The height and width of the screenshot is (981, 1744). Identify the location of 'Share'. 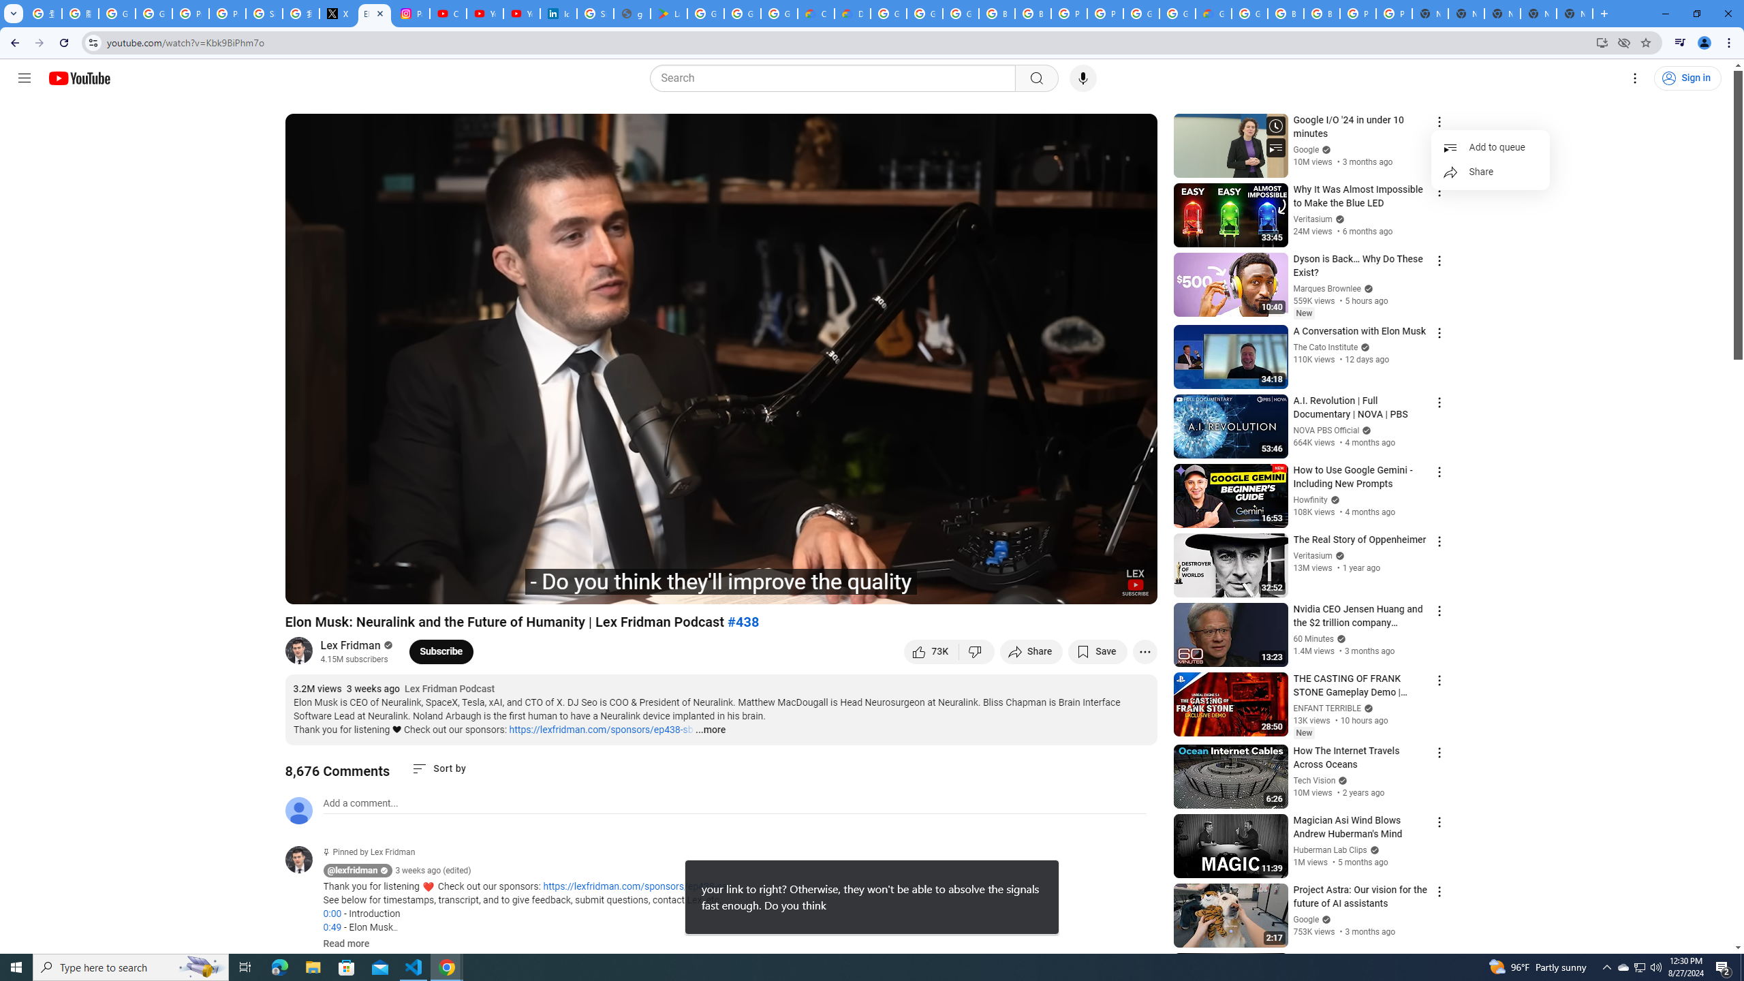
(1489, 172).